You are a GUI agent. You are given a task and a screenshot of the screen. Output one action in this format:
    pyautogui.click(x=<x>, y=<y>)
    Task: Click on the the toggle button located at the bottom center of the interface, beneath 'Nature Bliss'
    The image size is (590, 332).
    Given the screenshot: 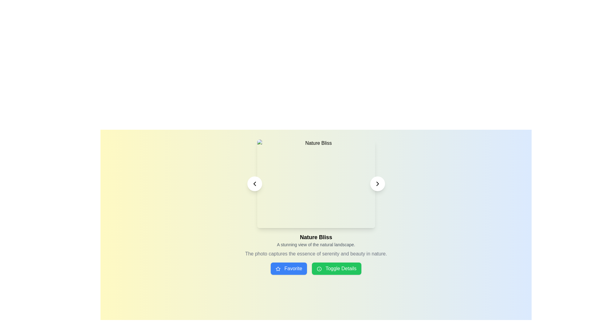 What is the action you would take?
    pyautogui.click(x=336, y=268)
    